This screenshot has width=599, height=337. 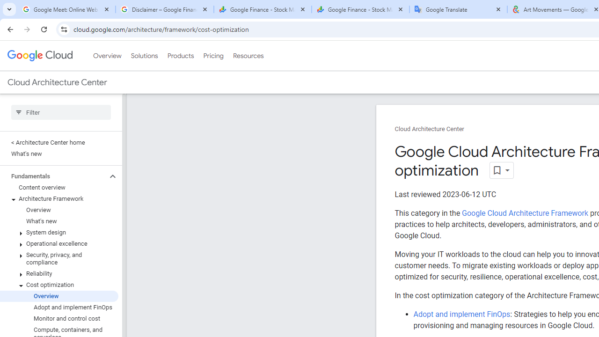 I want to click on 'Security, privacy, and compliance', so click(x=58, y=258).